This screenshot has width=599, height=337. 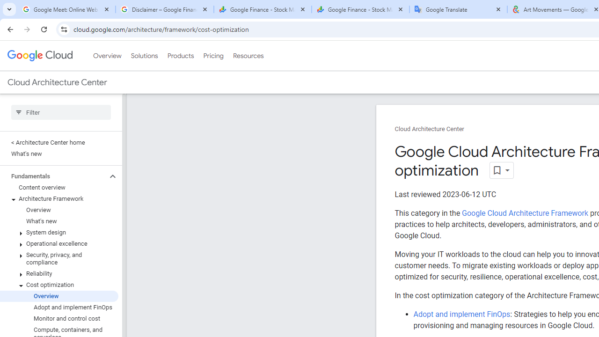 I want to click on 'Security, privacy, and compliance', so click(x=58, y=258).